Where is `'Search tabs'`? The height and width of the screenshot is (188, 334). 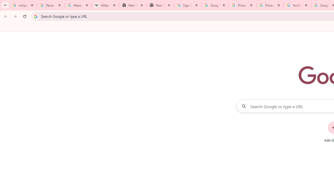
'Search tabs' is located at coordinates (5, 5).